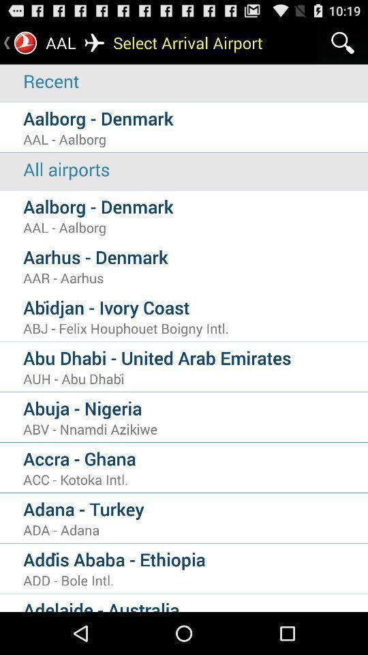 The width and height of the screenshot is (368, 655). What do you see at coordinates (195, 604) in the screenshot?
I see `adelaide - australia item` at bounding box center [195, 604].